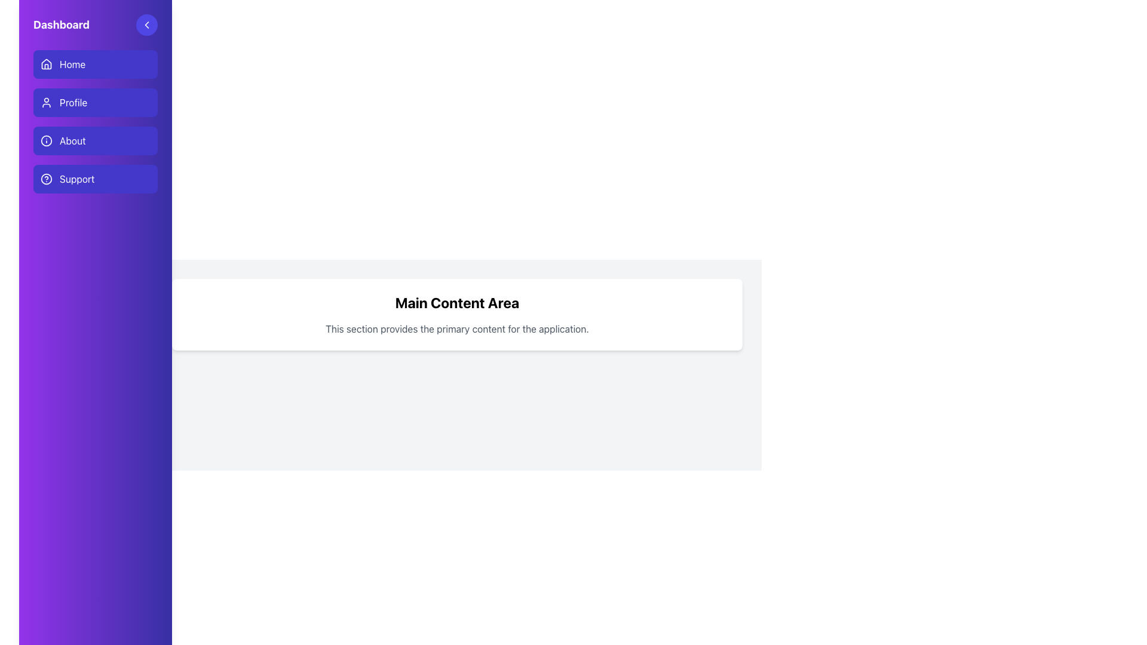 The image size is (1147, 645). Describe the element at coordinates (146, 25) in the screenshot. I see `the left-facing chevron icon contained within a rounded purple circular button located at the top-right corner of the sidebar` at that location.